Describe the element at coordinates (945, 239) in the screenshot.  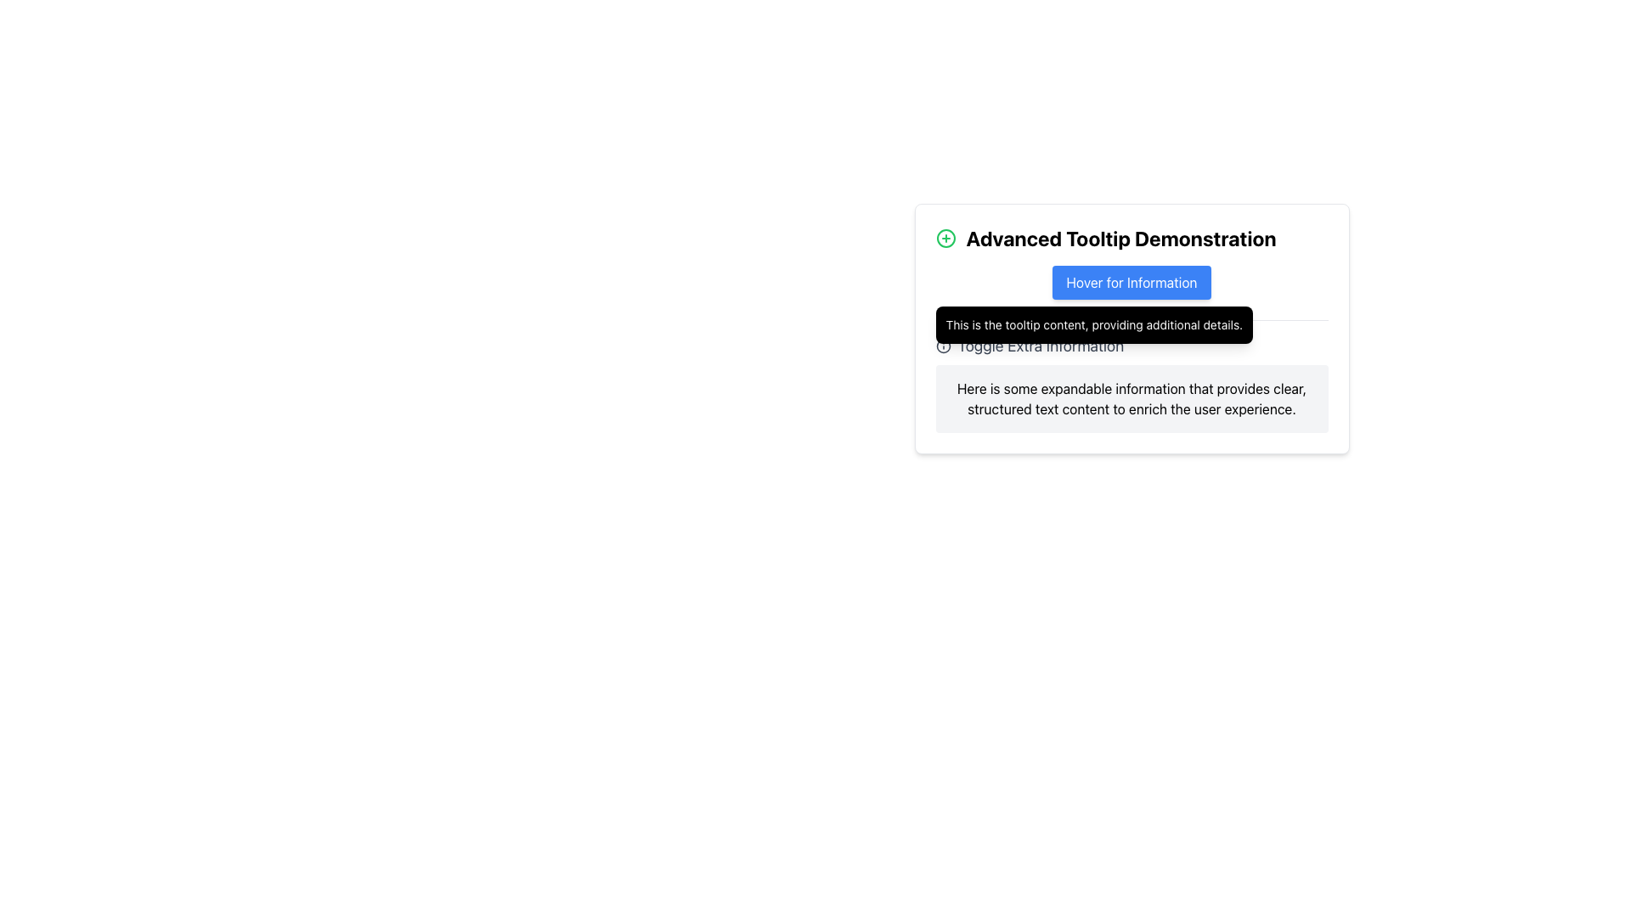
I see `the SVG Circle that represents the 'plus' icon in the upper-left corner of the 'Advanced Tooltip Demonstration' card` at that location.